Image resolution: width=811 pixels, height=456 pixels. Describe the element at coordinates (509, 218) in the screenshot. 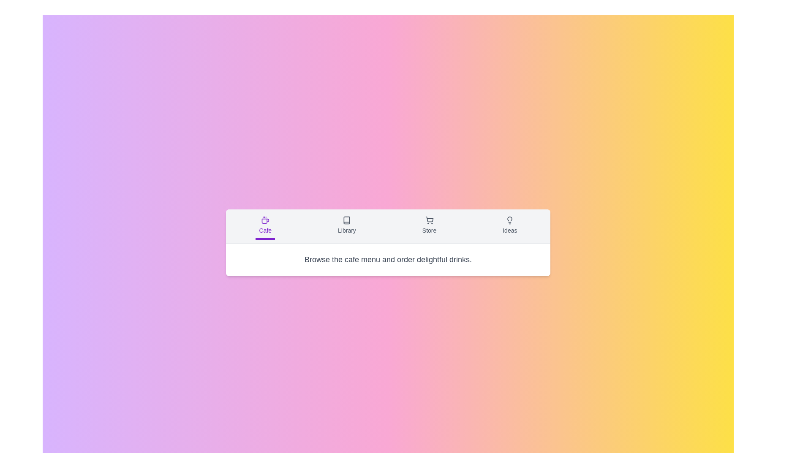

I see `the topmost segment of the lightbulb icon, which represents the 'Ideas' or 'Light' category in the rightmost part of the horizontal navigation bar` at that location.